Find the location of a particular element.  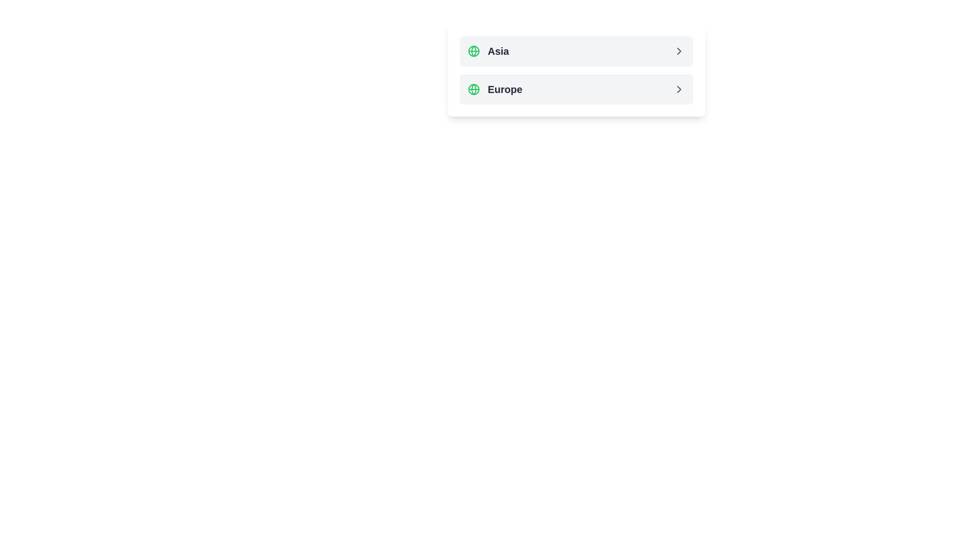

the right-pointing chevron icon with a gray color and slight border, located on the far right side of the list item labeled 'Europe' is located at coordinates (679, 88).